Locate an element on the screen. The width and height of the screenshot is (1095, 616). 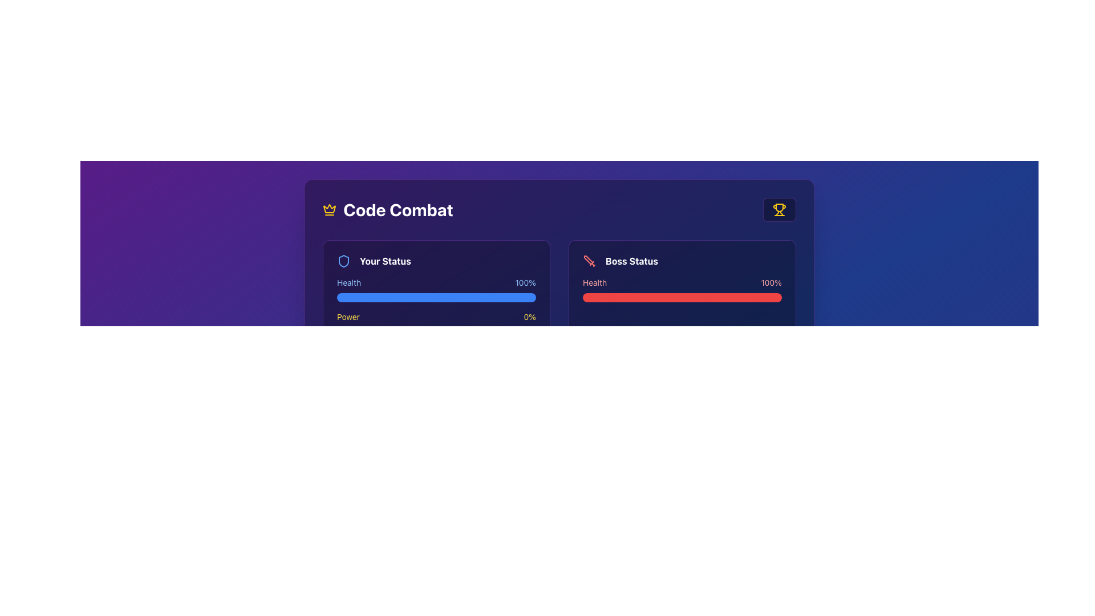
the red horizontal Progress bar labeled 'Health' with the percentage '100%' in the 'Boss Status' section is located at coordinates (682, 289).